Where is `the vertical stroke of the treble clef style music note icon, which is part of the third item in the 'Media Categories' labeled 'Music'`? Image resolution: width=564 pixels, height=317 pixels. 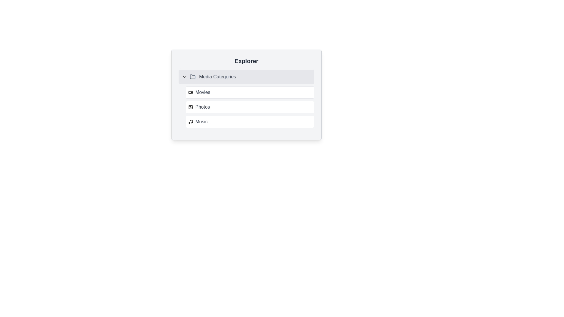 the vertical stroke of the treble clef style music note icon, which is part of the third item in the 'Media Categories' labeled 'Music' is located at coordinates (191, 121).